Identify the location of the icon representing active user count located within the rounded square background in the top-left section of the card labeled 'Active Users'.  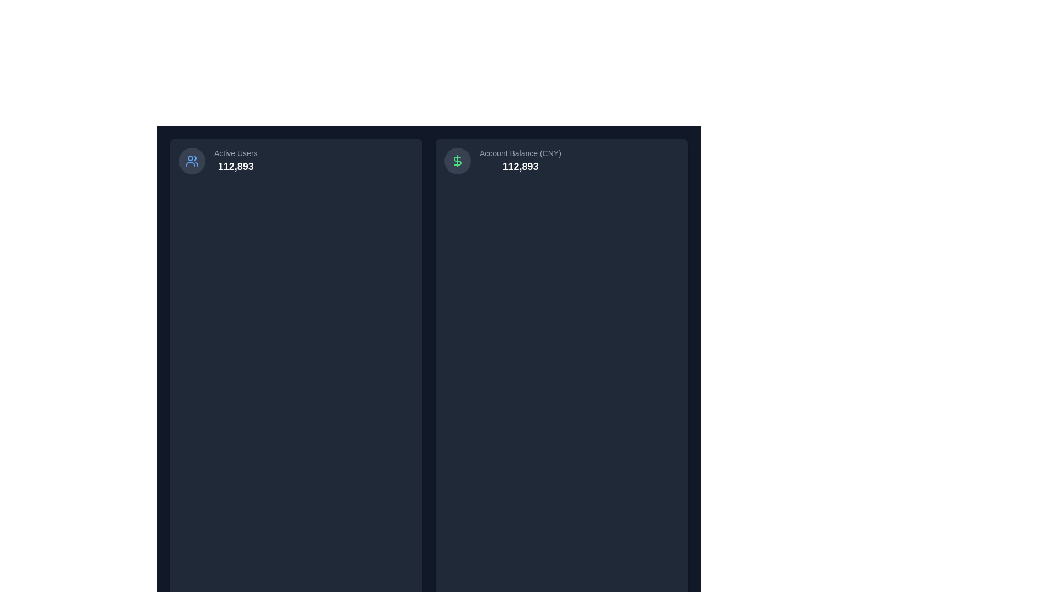
(192, 161).